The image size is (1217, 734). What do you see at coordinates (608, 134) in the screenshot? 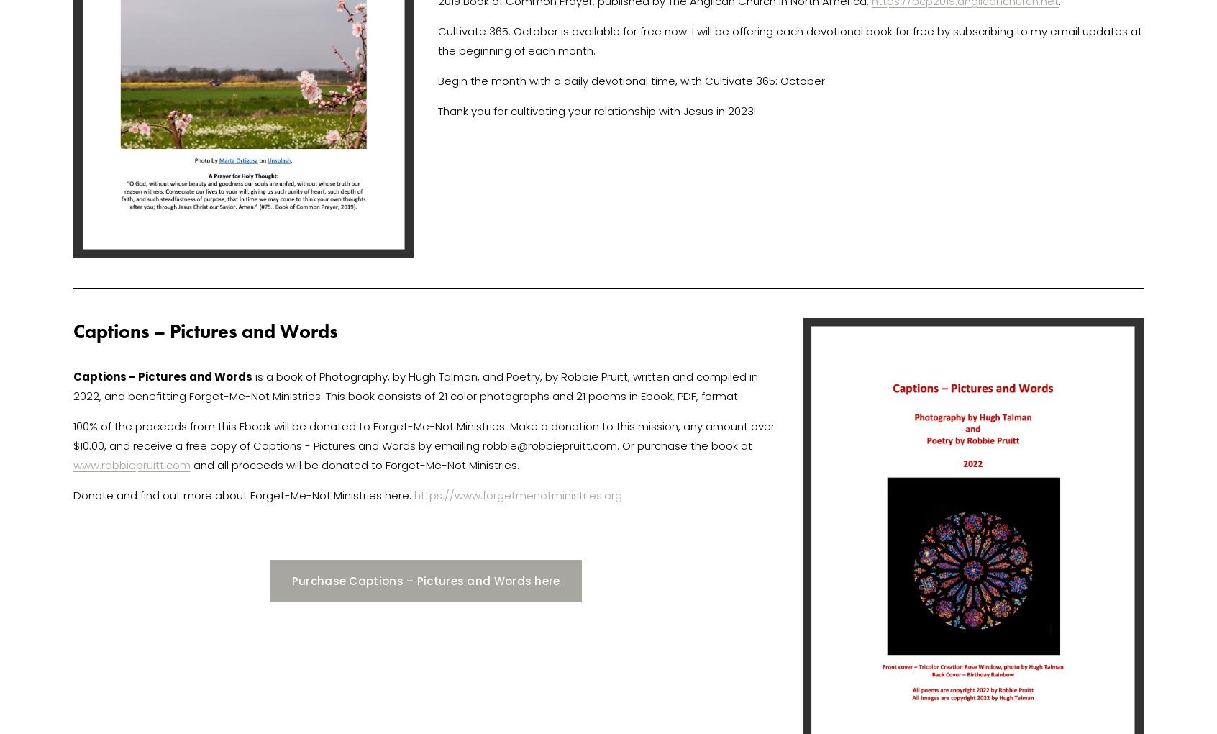
I see `'Blog Archive'` at bounding box center [608, 134].